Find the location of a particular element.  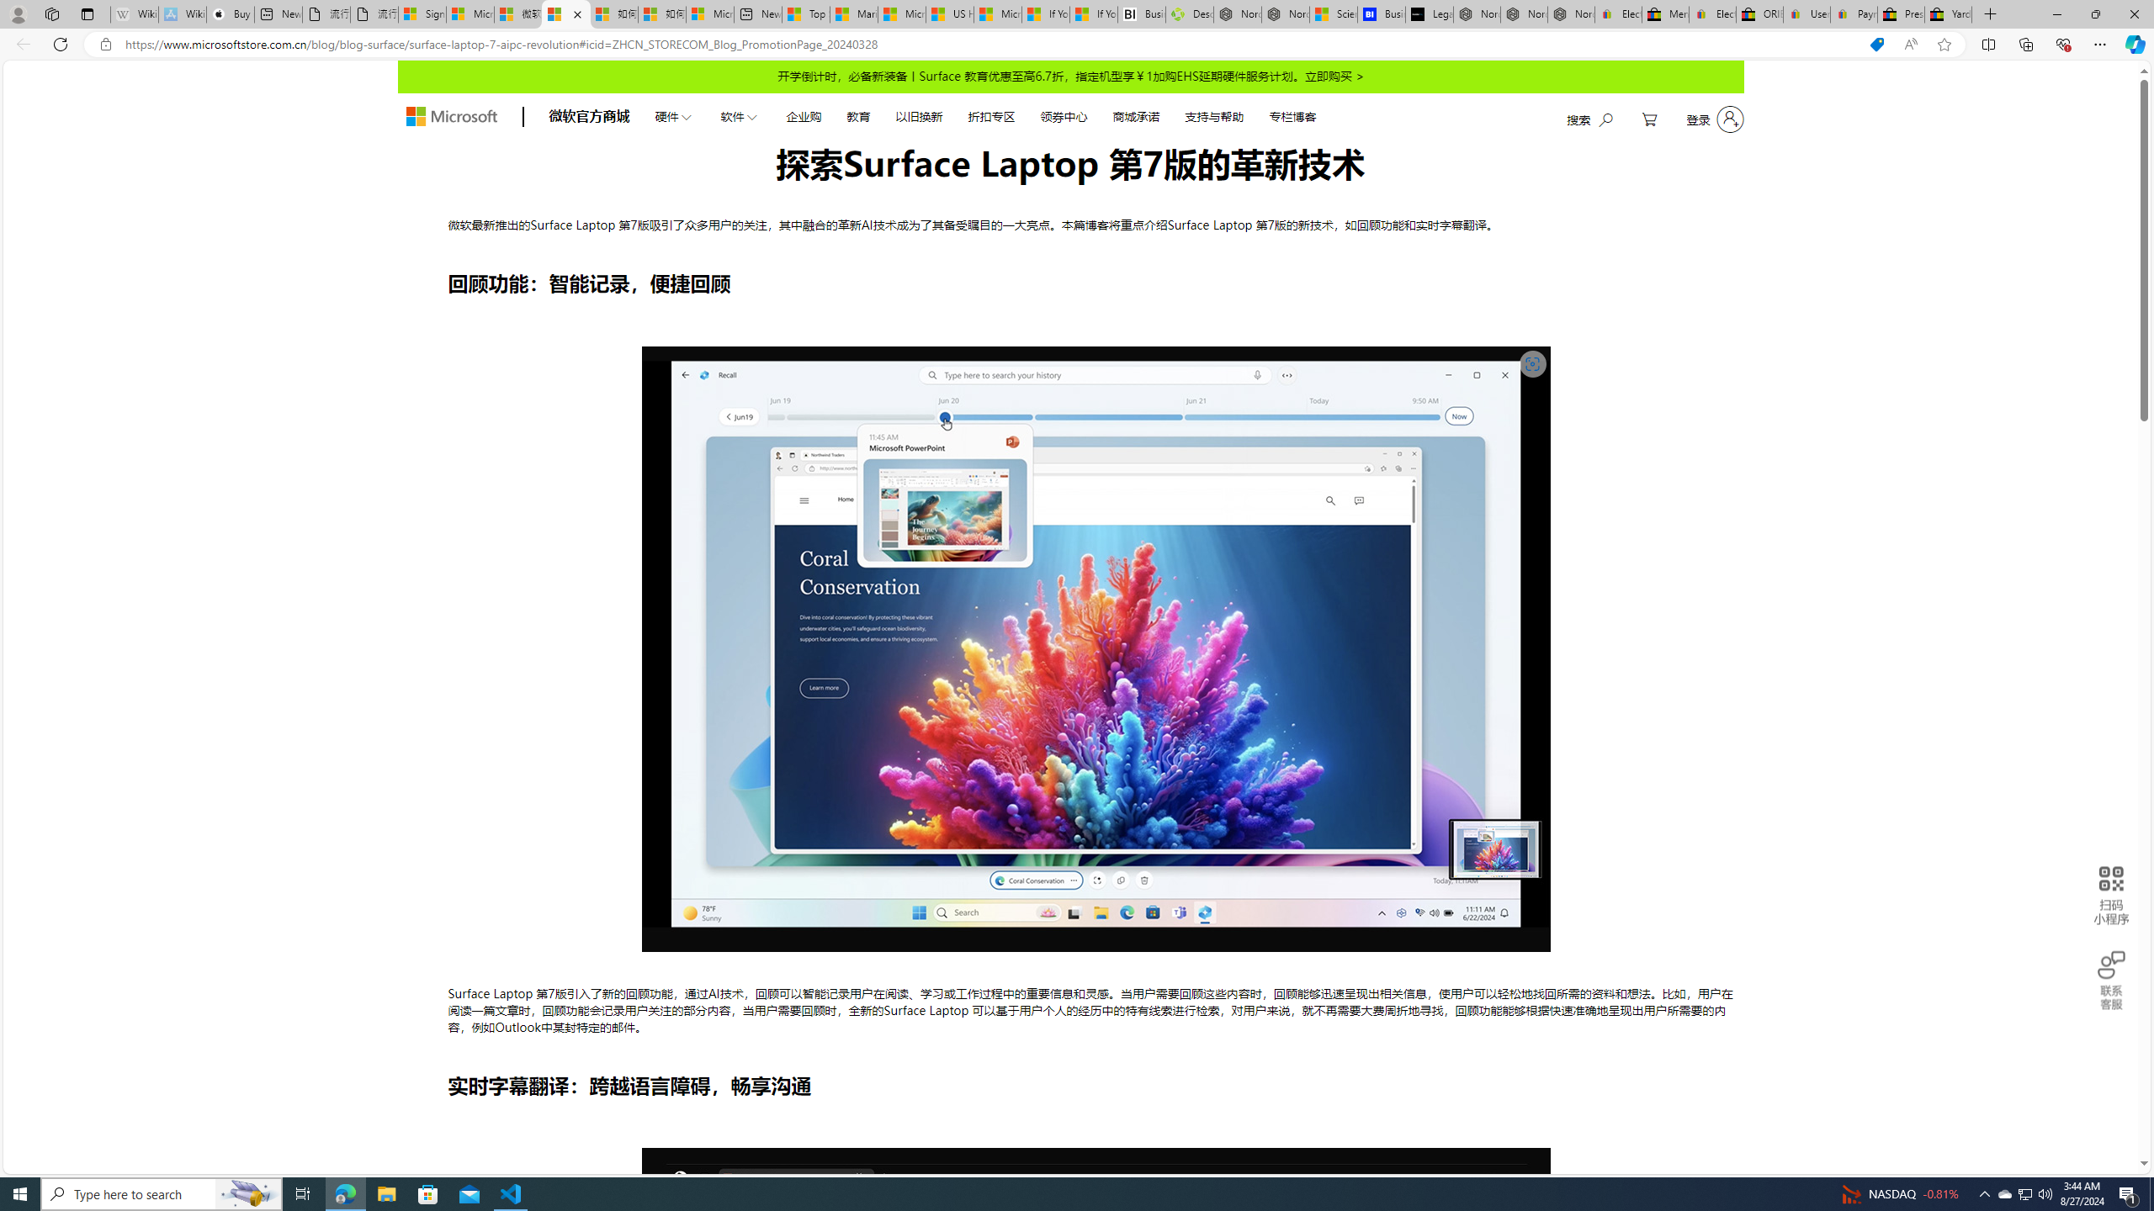

'AutomationID: autoNav' is located at coordinates (984, 115).